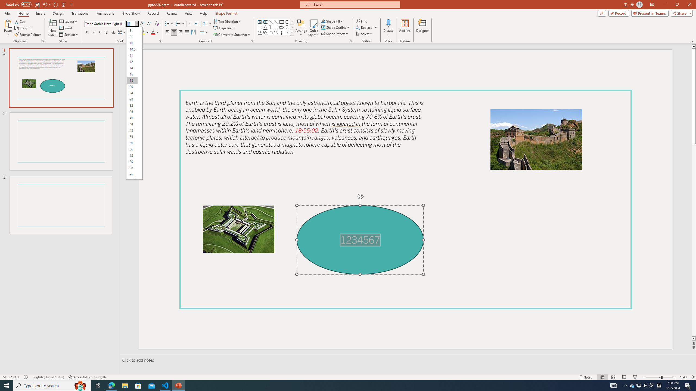 The width and height of the screenshot is (696, 391). What do you see at coordinates (132, 36) in the screenshot?
I see `'9'` at bounding box center [132, 36].